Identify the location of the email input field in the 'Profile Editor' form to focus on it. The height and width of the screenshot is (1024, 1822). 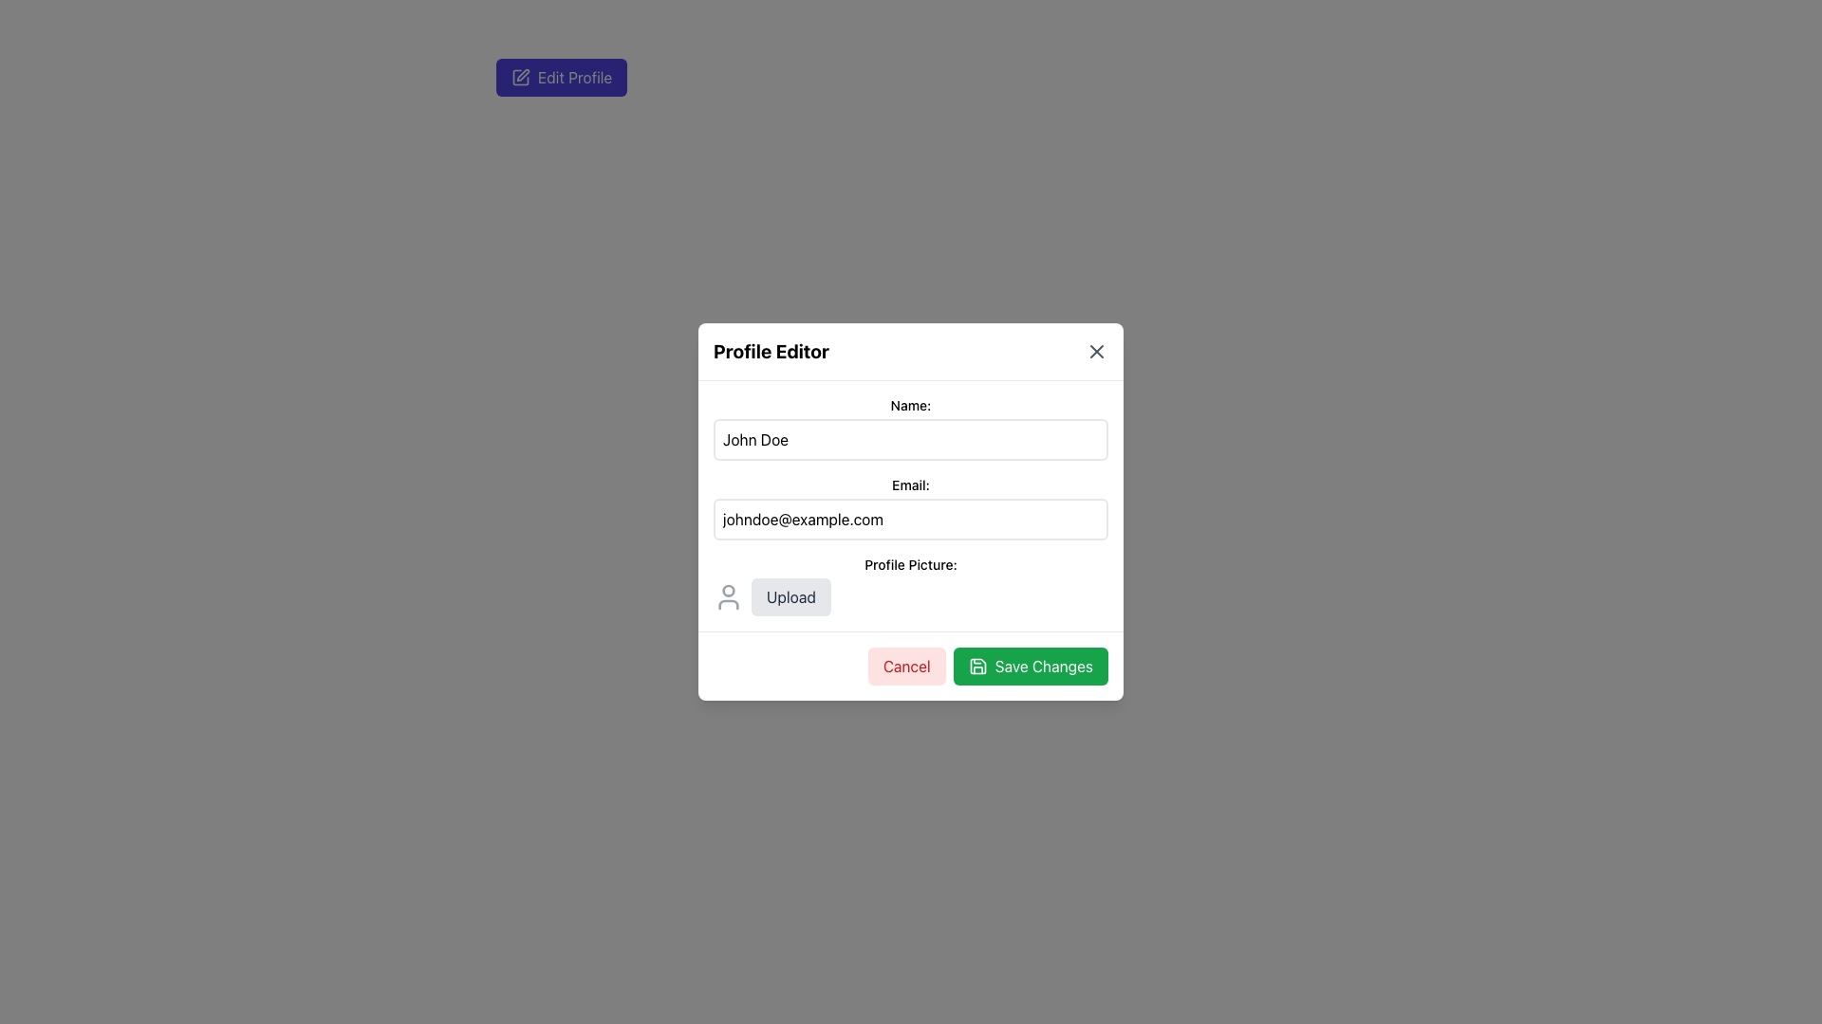
(911, 507).